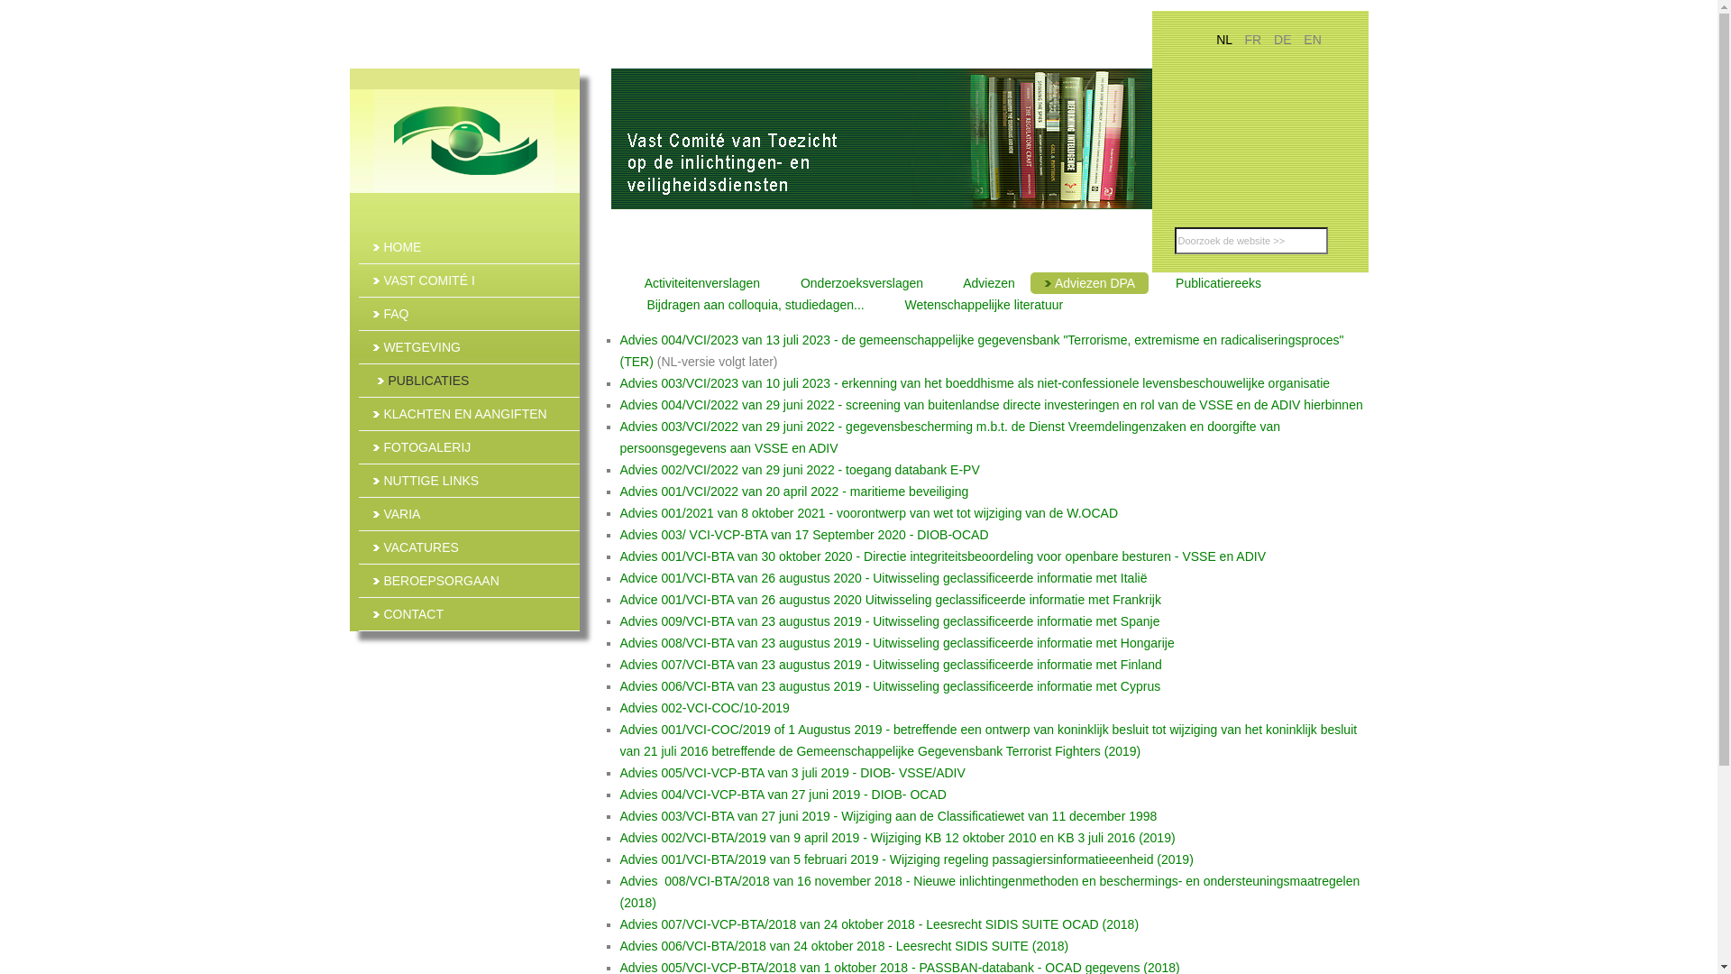 The height and width of the screenshot is (974, 1731). What do you see at coordinates (359, 479) in the screenshot?
I see `'NUTTIGE LINKS'` at bounding box center [359, 479].